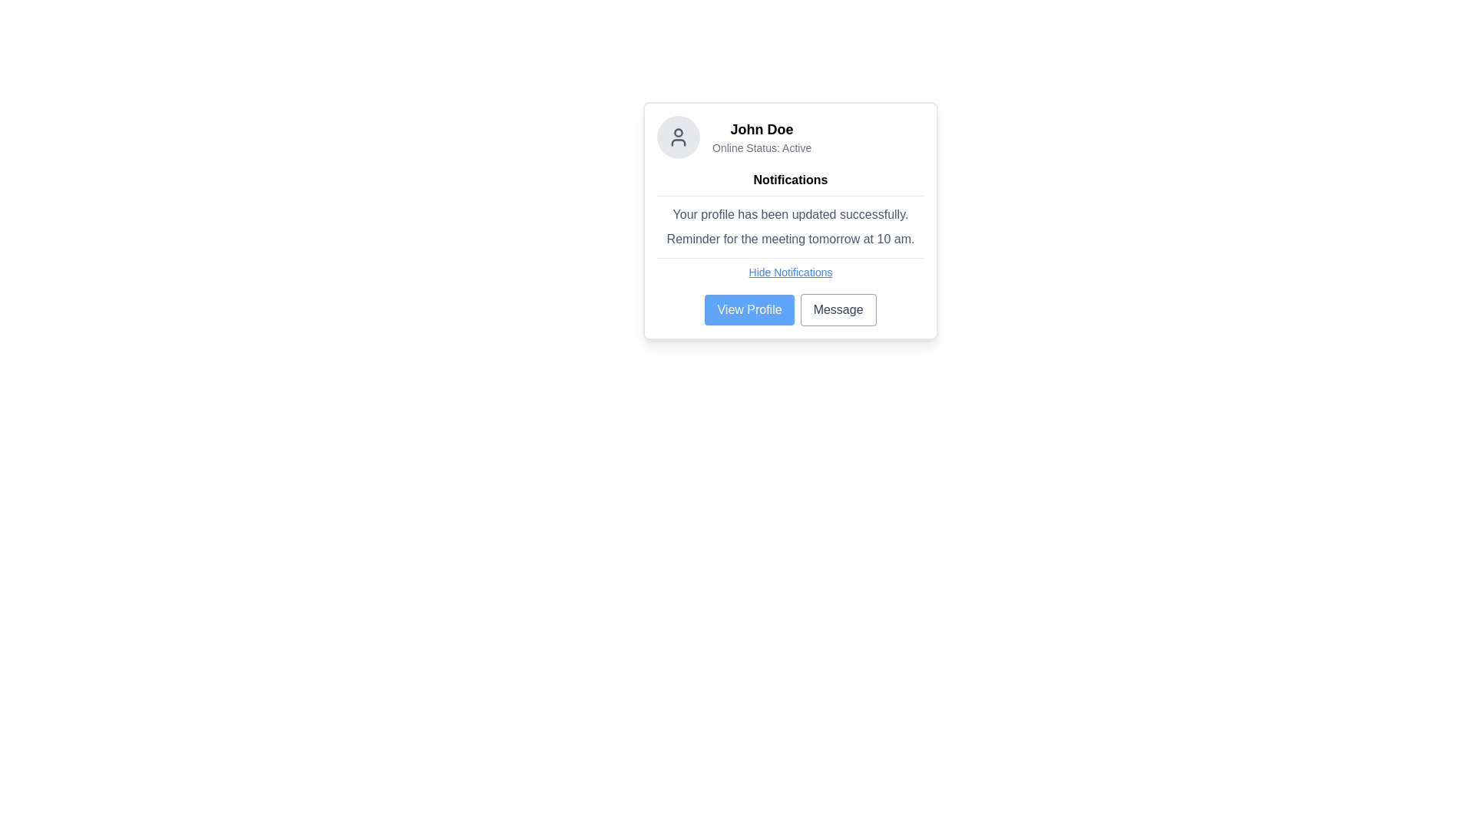  Describe the element at coordinates (762, 136) in the screenshot. I see `text content displayed in large bold text ('John Doe') and the smaller gray text ('Online Status: Active') located to the right of the avatar icon` at that location.